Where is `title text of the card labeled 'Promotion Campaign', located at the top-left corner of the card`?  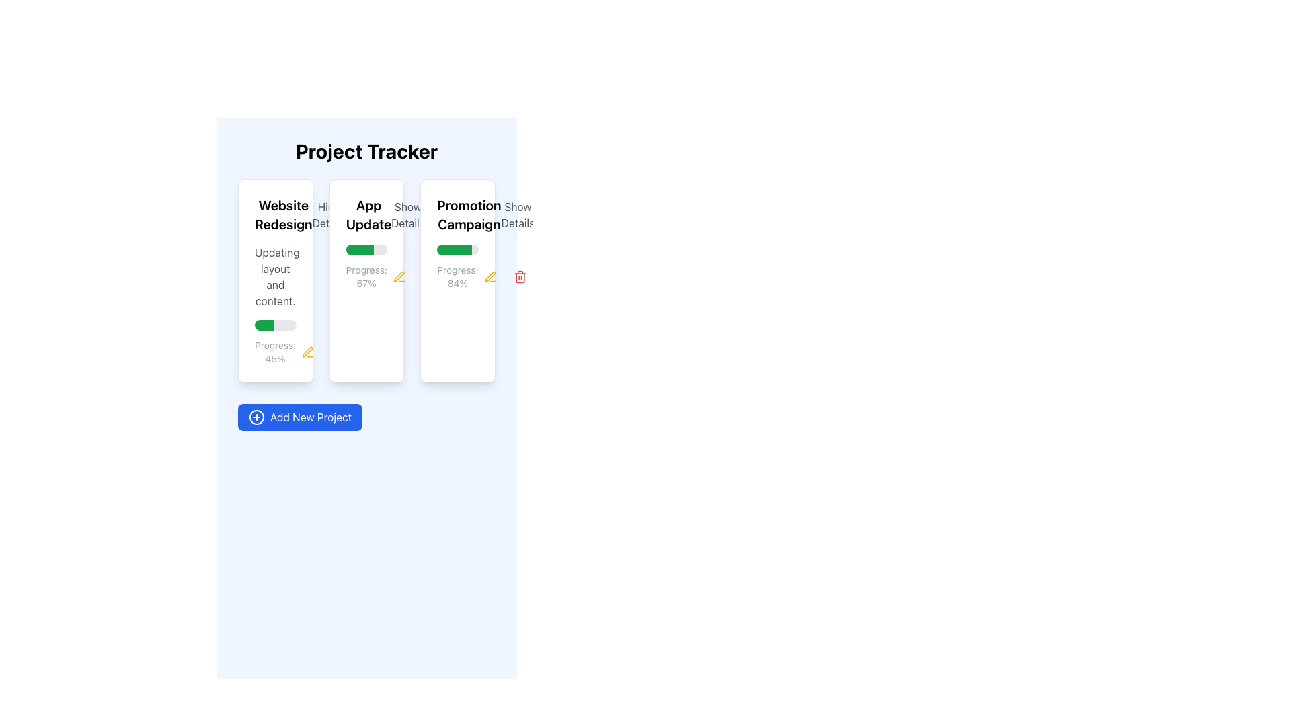
title text of the card labeled 'Promotion Campaign', located at the top-left corner of the card is located at coordinates (458, 214).